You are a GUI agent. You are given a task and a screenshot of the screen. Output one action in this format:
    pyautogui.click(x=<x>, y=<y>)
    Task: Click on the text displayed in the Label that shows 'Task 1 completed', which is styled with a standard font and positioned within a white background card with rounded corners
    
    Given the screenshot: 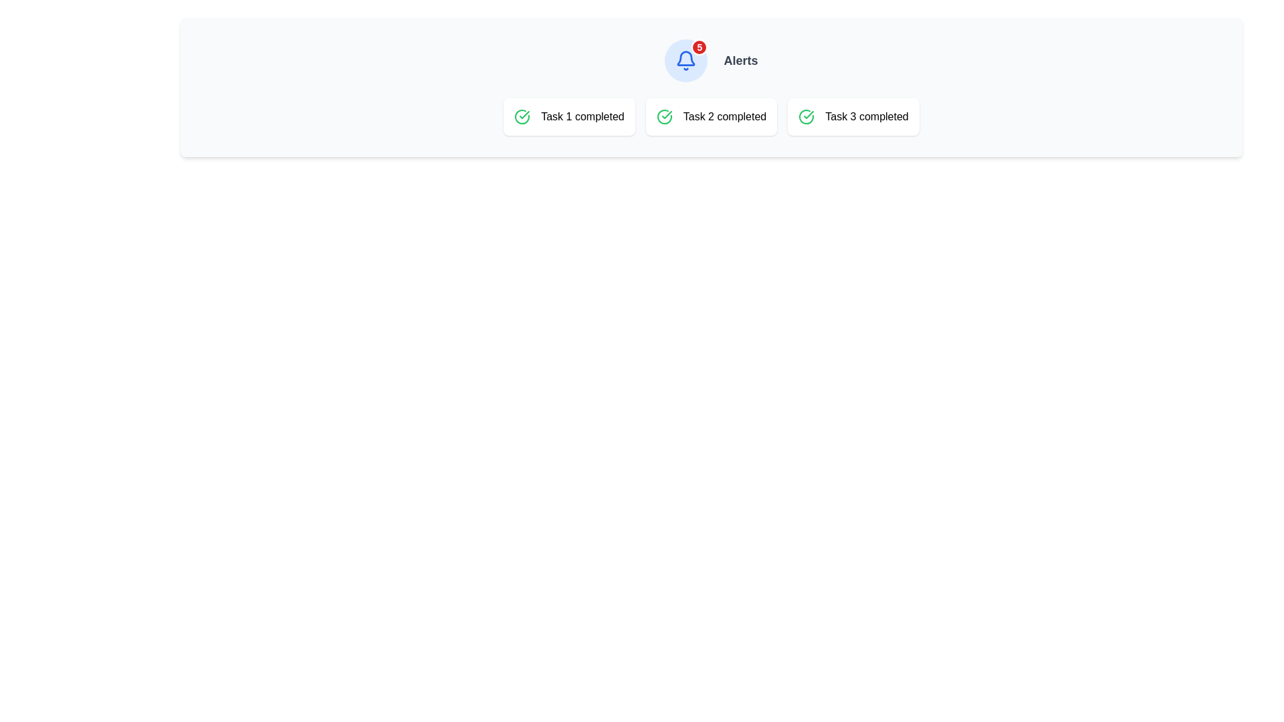 What is the action you would take?
    pyautogui.click(x=582, y=116)
    